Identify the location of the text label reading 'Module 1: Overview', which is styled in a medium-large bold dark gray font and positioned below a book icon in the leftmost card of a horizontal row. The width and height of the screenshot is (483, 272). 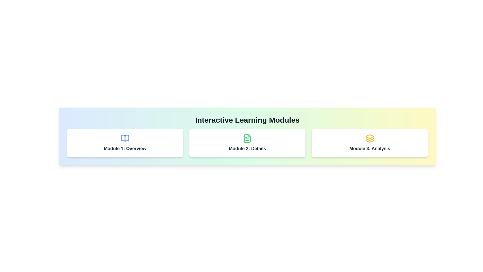
(125, 148).